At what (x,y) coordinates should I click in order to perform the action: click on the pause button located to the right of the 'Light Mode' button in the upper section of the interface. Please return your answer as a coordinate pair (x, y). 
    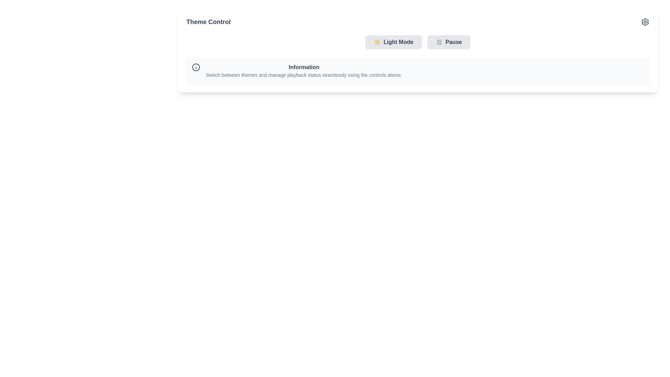
    Looking at the image, I should click on (449, 42).